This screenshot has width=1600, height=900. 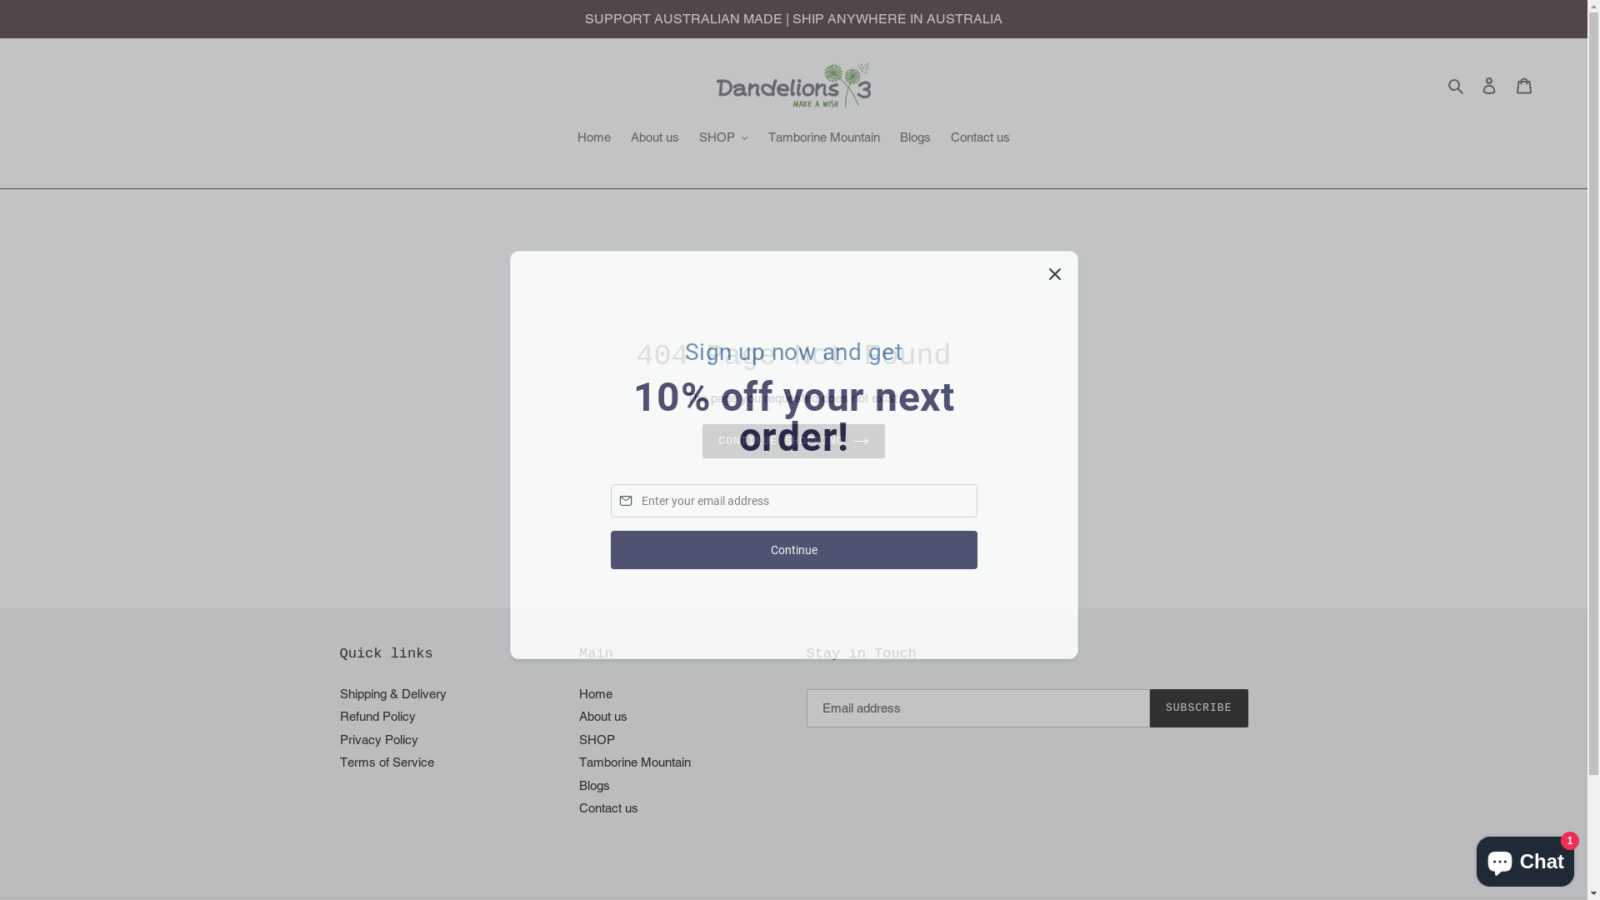 What do you see at coordinates (594, 137) in the screenshot?
I see `'Home'` at bounding box center [594, 137].